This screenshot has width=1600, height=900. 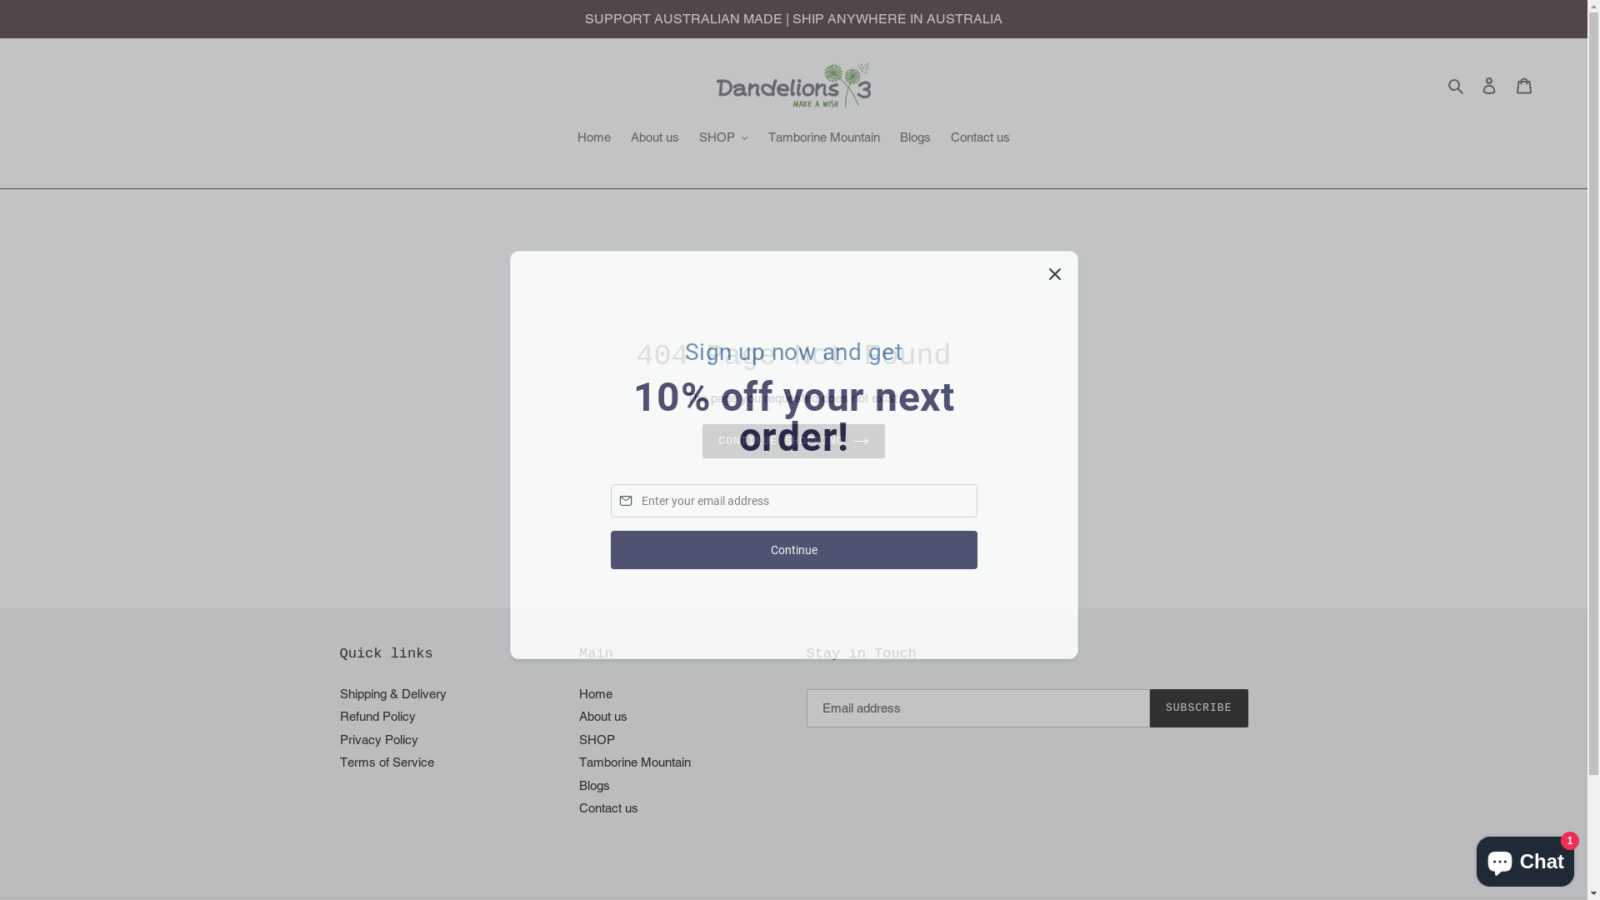 What do you see at coordinates (594, 137) in the screenshot?
I see `'Home'` at bounding box center [594, 137].